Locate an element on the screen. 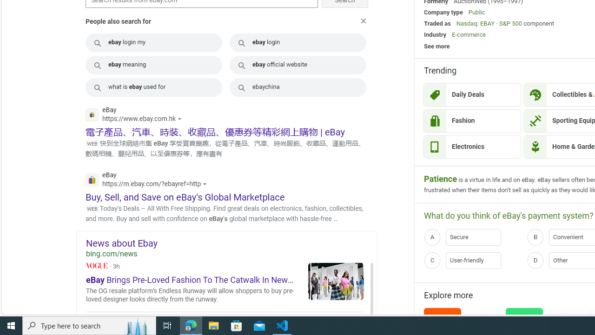  'Public' is located at coordinates (476, 12).